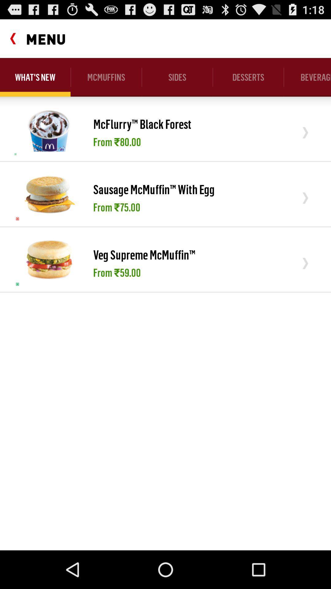 This screenshot has width=331, height=589. I want to click on item next to sausage mcmuffin with, so click(49, 194).